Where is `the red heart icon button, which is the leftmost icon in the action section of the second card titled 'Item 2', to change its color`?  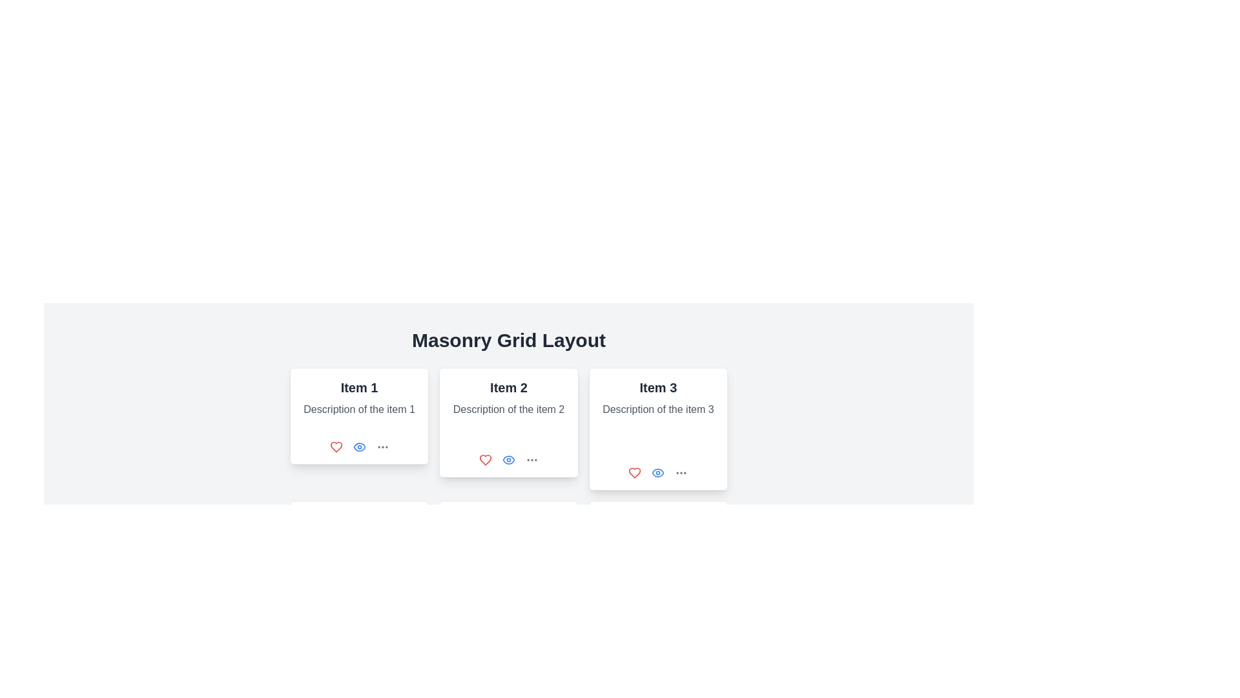
the red heart icon button, which is the leftmost icon in the action section of the second card titled 'Item 2', to change its color is located at coordinates (485, 460).